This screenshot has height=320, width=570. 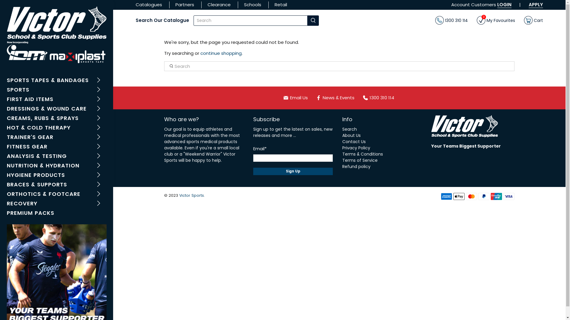 I want to click on 'Clearance', so click(x=208, y=4).